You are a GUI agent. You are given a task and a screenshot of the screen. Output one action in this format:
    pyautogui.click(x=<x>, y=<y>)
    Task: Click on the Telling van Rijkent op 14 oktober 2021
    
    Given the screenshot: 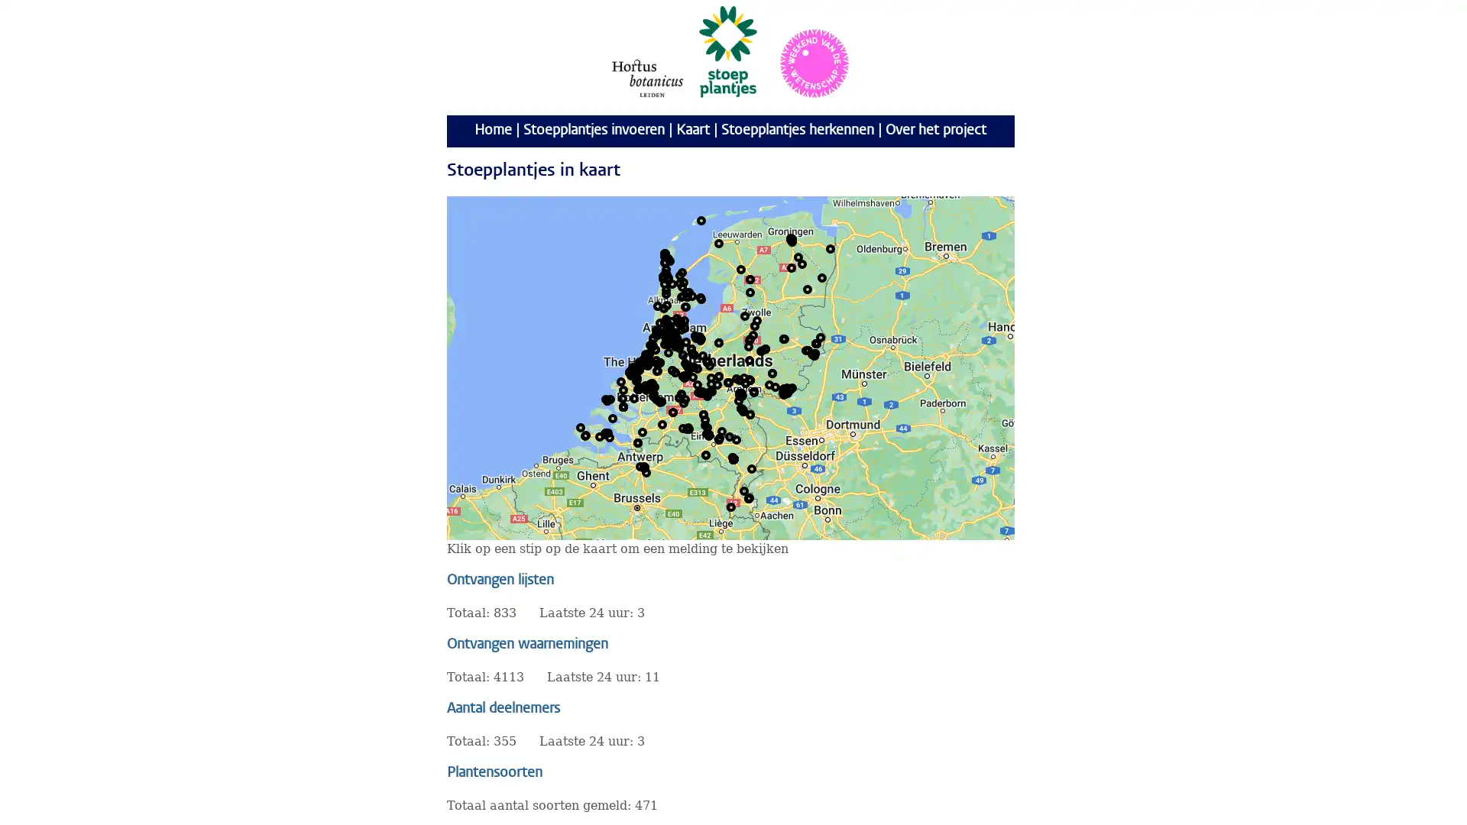 What is the action you would take?
    pyautogui.click(x=785, y=338)
    